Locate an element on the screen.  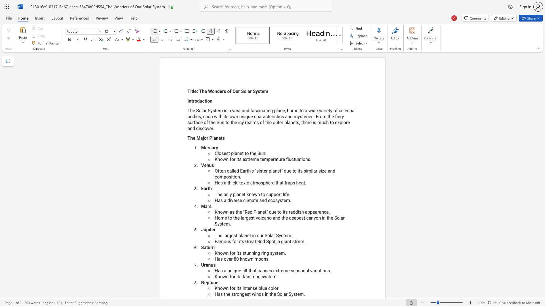
the 7th character "e" in the text is located at coordinates (327, 212).